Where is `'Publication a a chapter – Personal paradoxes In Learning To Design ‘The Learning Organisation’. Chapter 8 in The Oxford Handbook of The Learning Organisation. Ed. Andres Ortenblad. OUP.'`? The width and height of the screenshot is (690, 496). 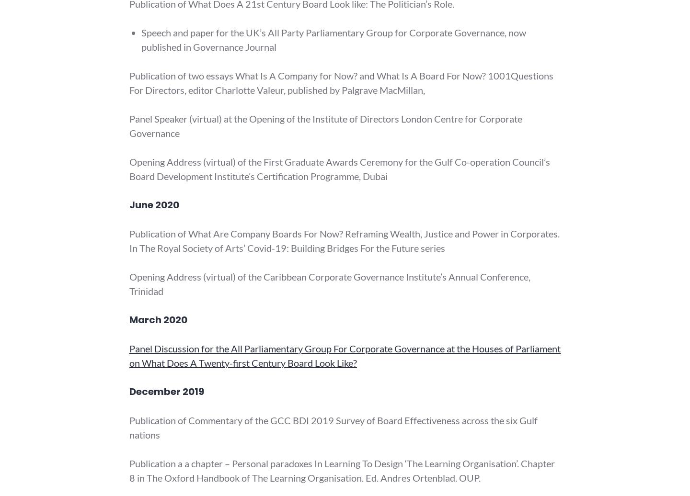
'Publication a a chapter – Personal paradoxes In Learning To Design ‘The Learning Organisation’. Chapter 8 in The Oxford Handbook of The Learning Organisation. Ed. Andres Ortenblad. OUP.' is located at coordinates (342, 470).